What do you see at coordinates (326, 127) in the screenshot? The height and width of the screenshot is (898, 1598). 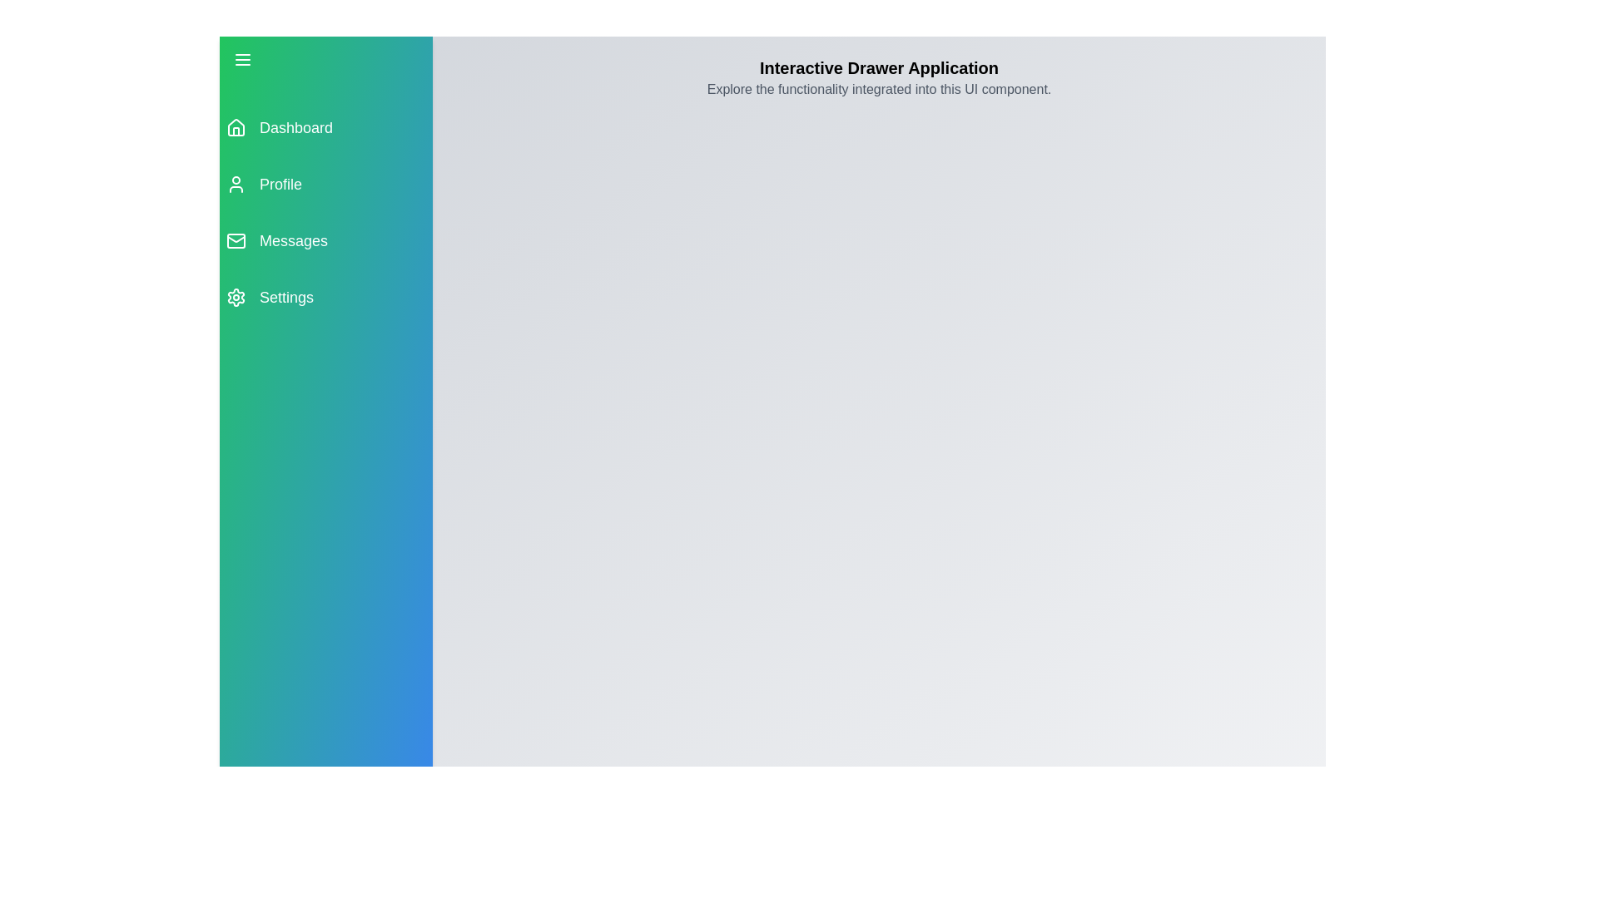 I see `the menu item labeled Dashboard` at bounding box center [326, 127].